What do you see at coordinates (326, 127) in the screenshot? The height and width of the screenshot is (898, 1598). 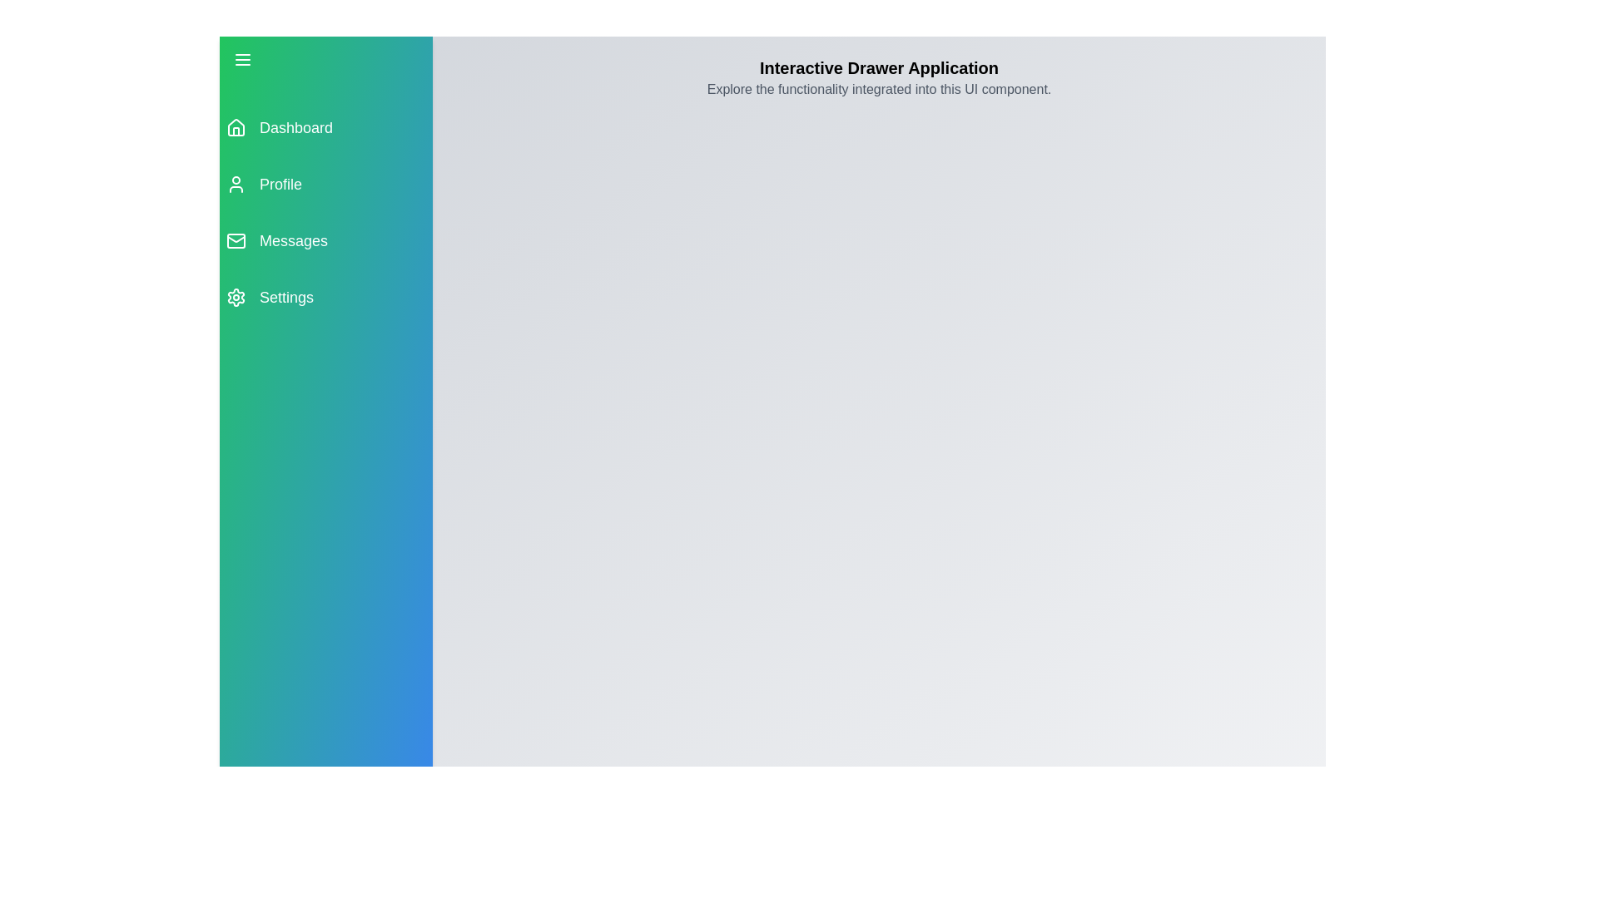 I see `the menu item labeled Dashboard` at bounding box center [326, 127].